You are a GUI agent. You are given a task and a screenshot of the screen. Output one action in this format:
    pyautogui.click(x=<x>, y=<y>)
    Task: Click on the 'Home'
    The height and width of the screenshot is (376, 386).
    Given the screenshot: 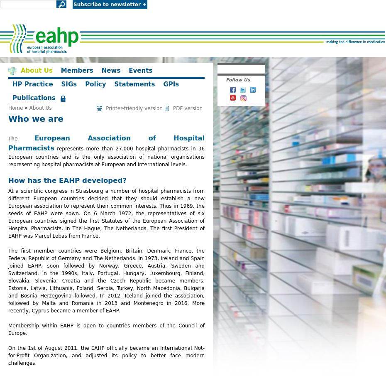 What is the action you would take?
    pyautogui.click(x=15, y=108)
    